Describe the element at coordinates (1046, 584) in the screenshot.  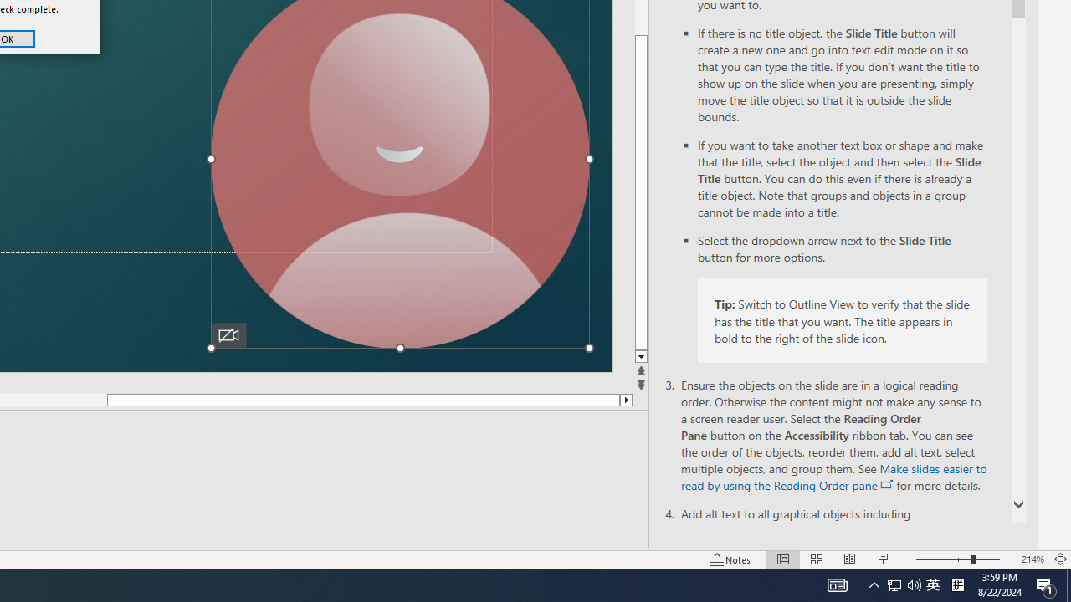
I see `'Action Center, 1 new notification'` at that location.